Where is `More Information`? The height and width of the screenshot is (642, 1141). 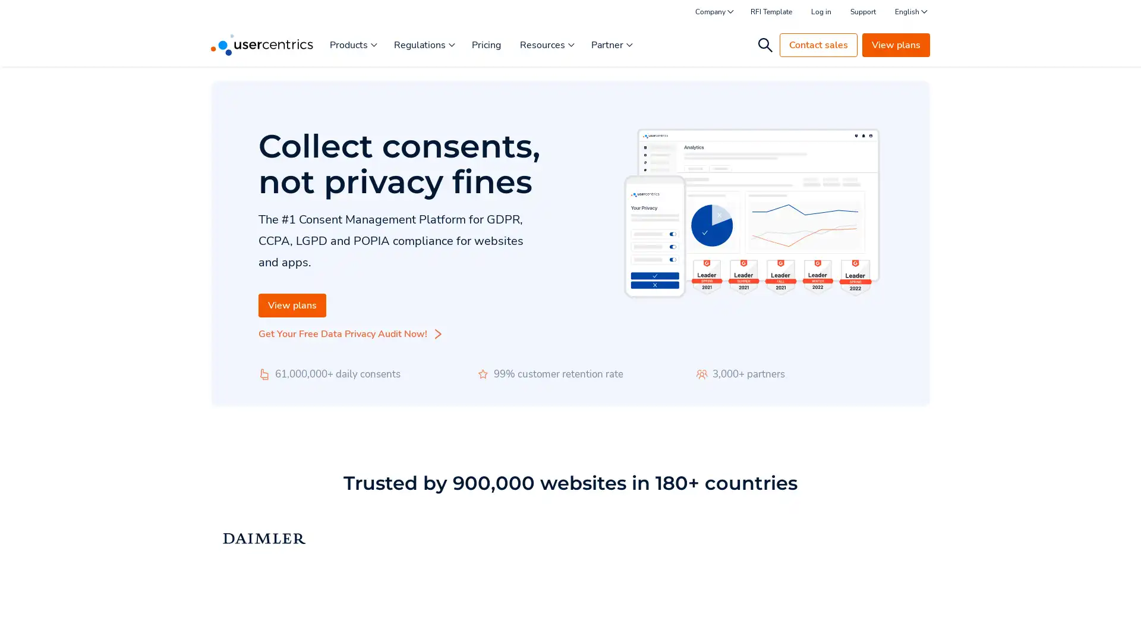
More Information is located at coordinates (150, 606).